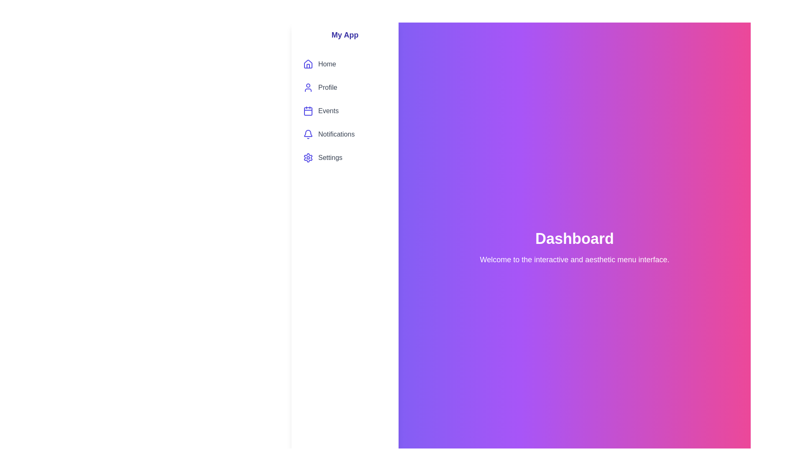 This screenshot has height=451, width=803. Describe the element at coordinates (345, 64) in the screenshot. I see `the menu item labeled Home to navigate to the corresponding section` at that location.